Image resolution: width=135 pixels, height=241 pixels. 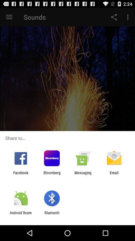 I want to click on app at the bottom right corner, so click(x=114, y=175).